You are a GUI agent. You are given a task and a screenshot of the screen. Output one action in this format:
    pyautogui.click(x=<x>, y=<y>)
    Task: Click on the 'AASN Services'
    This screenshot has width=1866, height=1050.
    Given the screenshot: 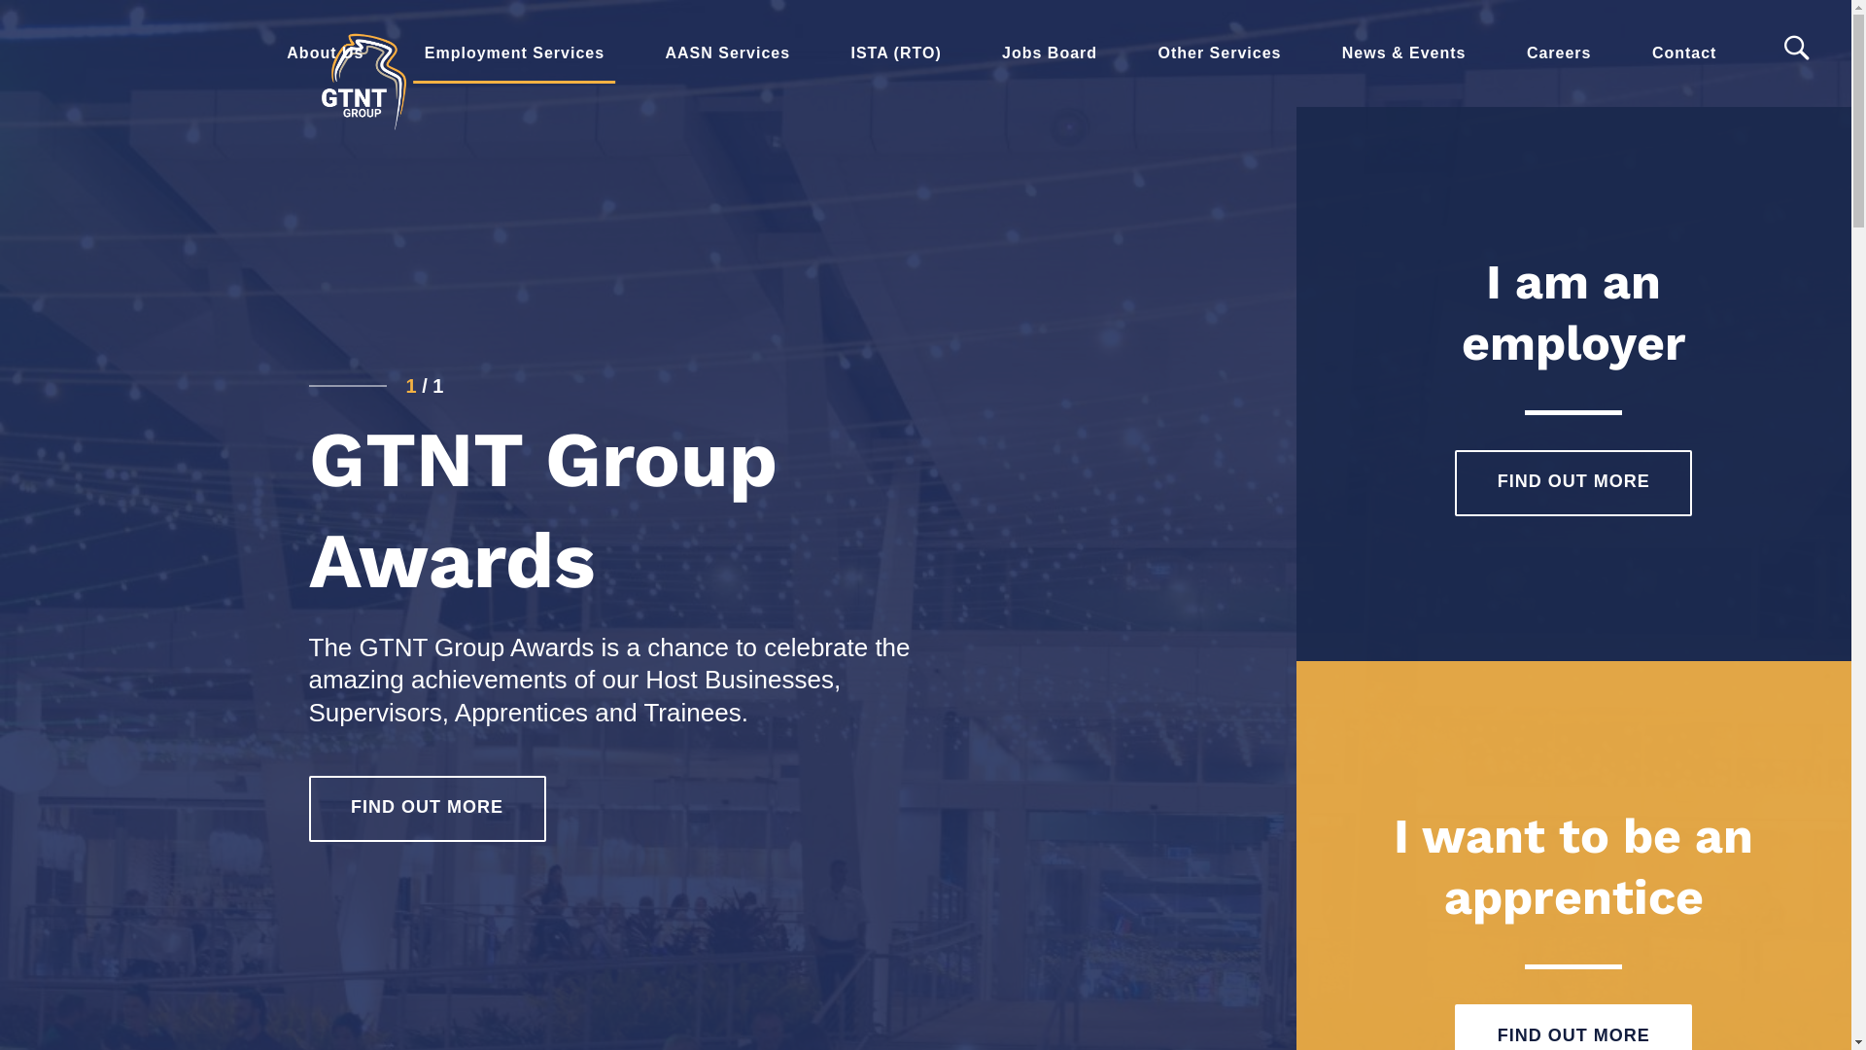 What is the action you would take?
    pyautogui.click(x=634, y=52)
    